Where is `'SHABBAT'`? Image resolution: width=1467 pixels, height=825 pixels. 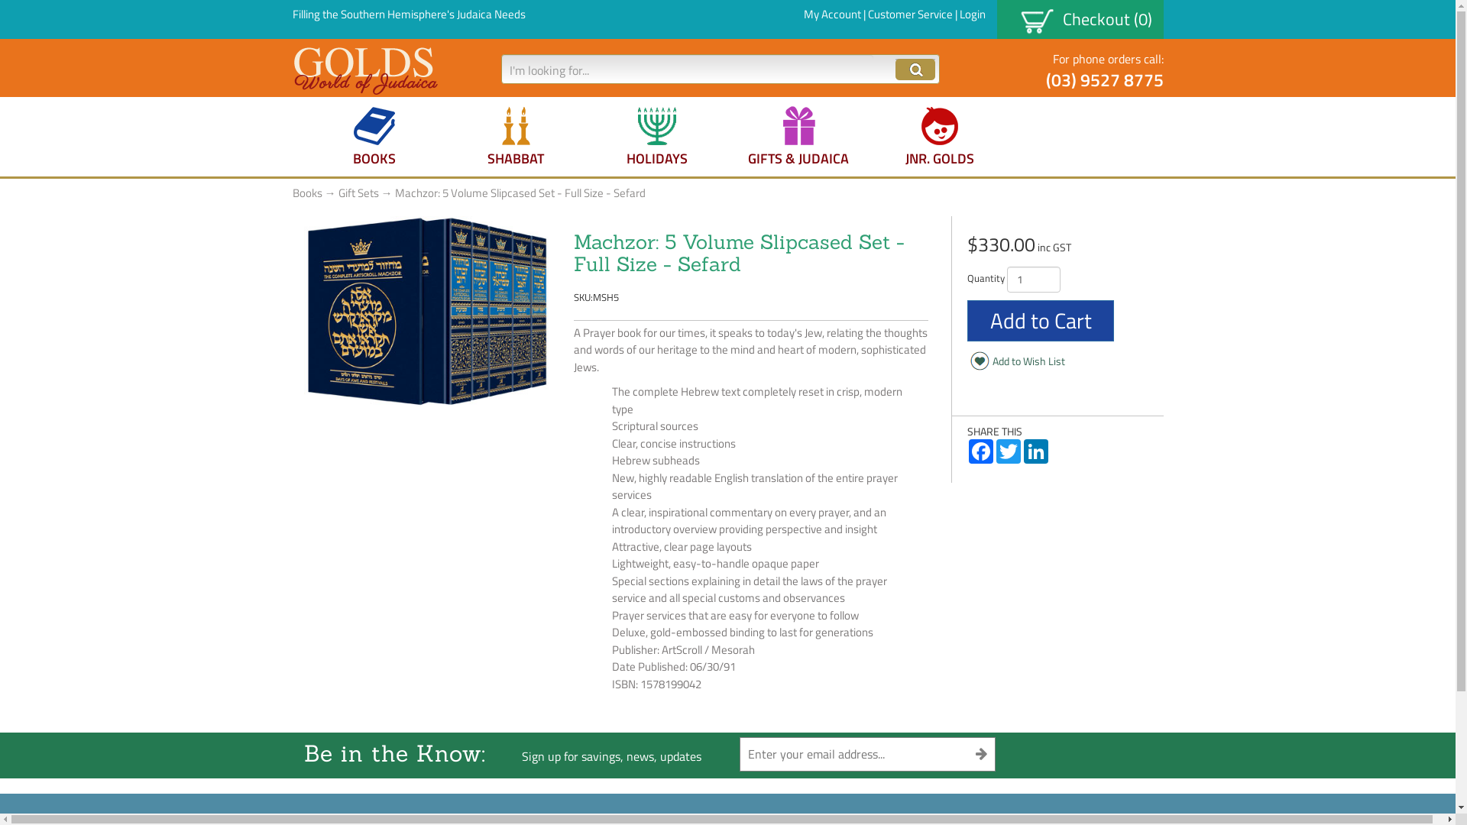 'SHABBAT' is located at coordinates (516, 135).